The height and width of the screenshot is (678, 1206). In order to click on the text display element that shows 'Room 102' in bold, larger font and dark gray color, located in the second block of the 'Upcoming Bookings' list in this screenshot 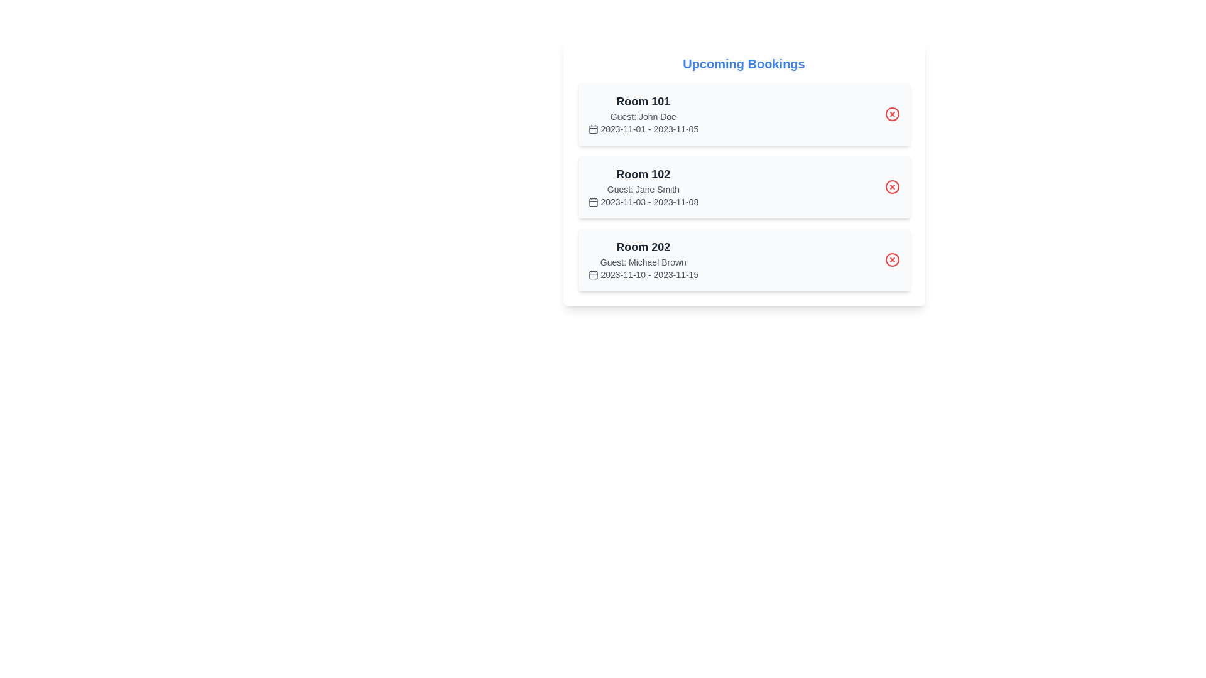, I will do `click(643, 174)`.